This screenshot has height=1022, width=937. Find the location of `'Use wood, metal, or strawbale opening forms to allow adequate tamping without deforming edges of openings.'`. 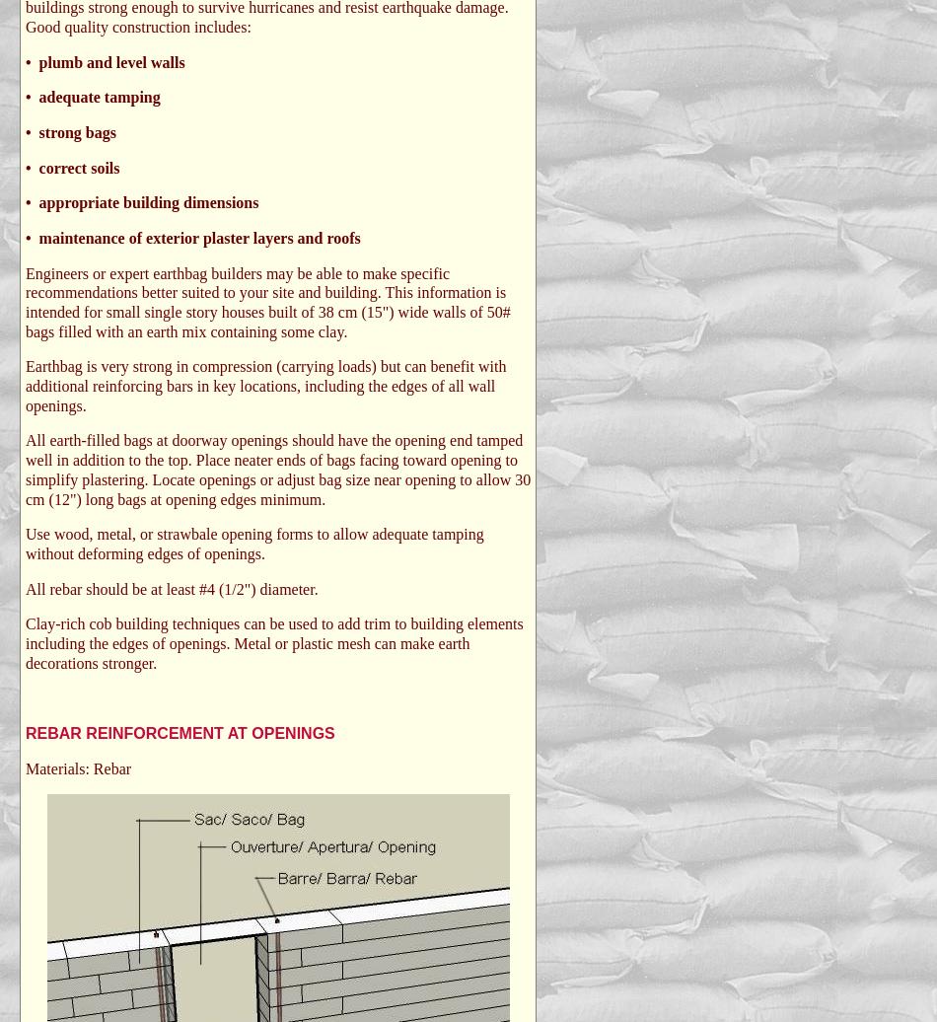

'Use wood, metal, or strawbale opening forms to allow adequate tamping without deforming edges of openings.' is located at coordinates (26, 544).